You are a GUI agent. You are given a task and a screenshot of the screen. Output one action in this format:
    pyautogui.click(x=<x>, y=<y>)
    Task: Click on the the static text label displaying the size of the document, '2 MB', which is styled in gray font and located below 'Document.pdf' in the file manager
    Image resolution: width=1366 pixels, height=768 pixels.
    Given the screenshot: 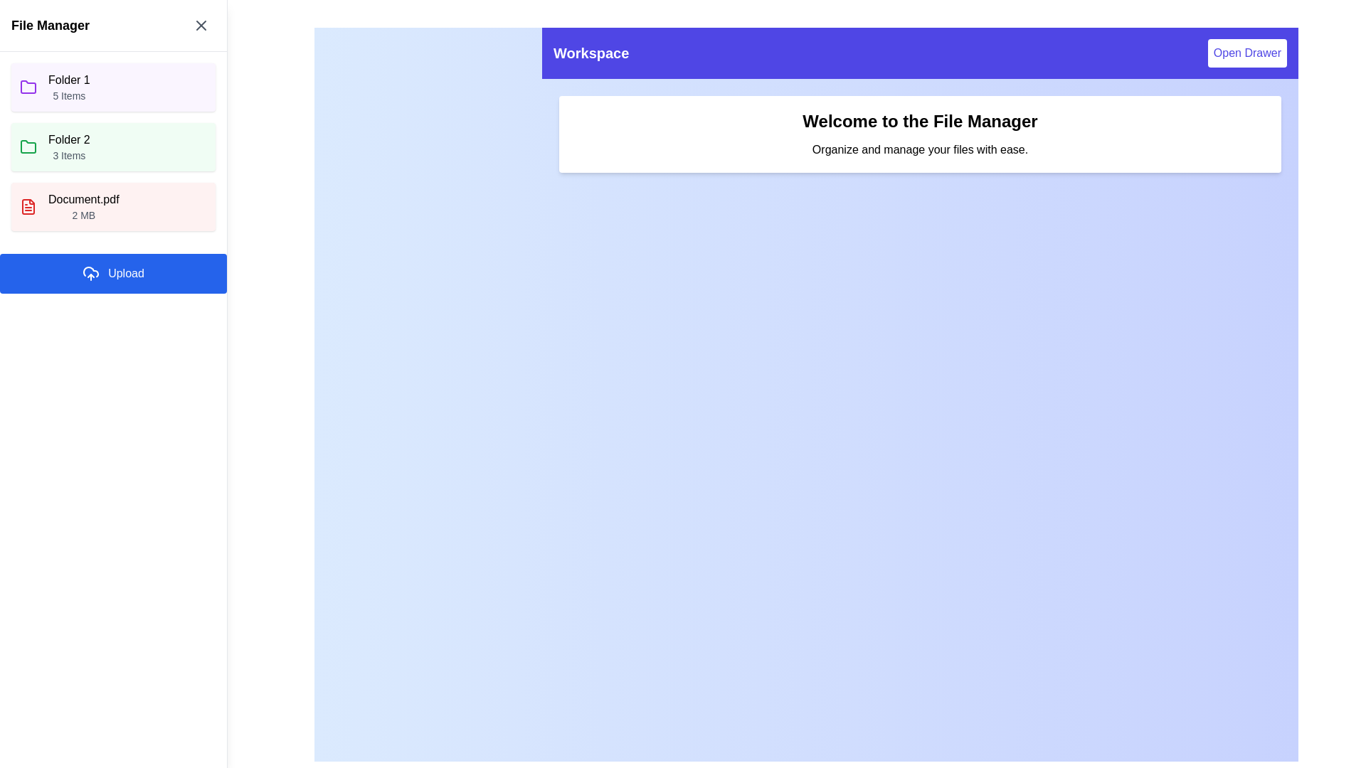 What is the action you would take?
    pyautogui.click(x=83, y=215)
    